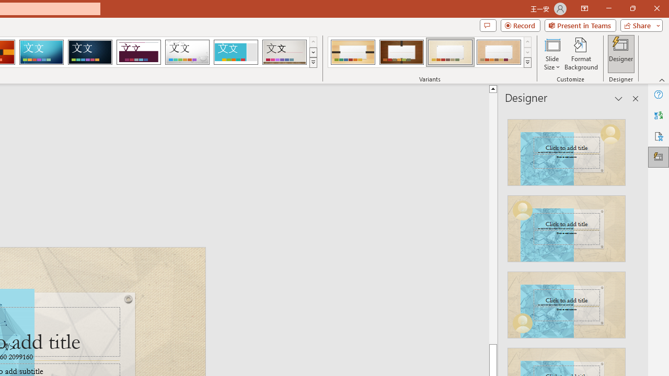 The width and height of the screenshot is (669, 376). Describe the element at coordinates (41, 52) in the screenshot. I see `'Circuit'` at that location.